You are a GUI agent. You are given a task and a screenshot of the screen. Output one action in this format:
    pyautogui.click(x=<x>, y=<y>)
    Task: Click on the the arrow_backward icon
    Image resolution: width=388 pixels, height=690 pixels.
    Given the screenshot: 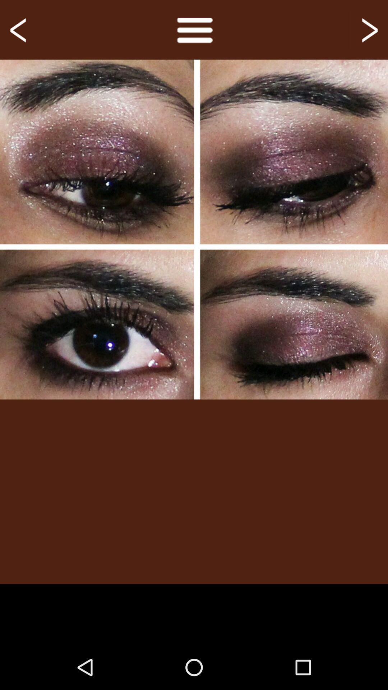 What is the action you would take?
    pyautogui.click(x=19, y=31)
    